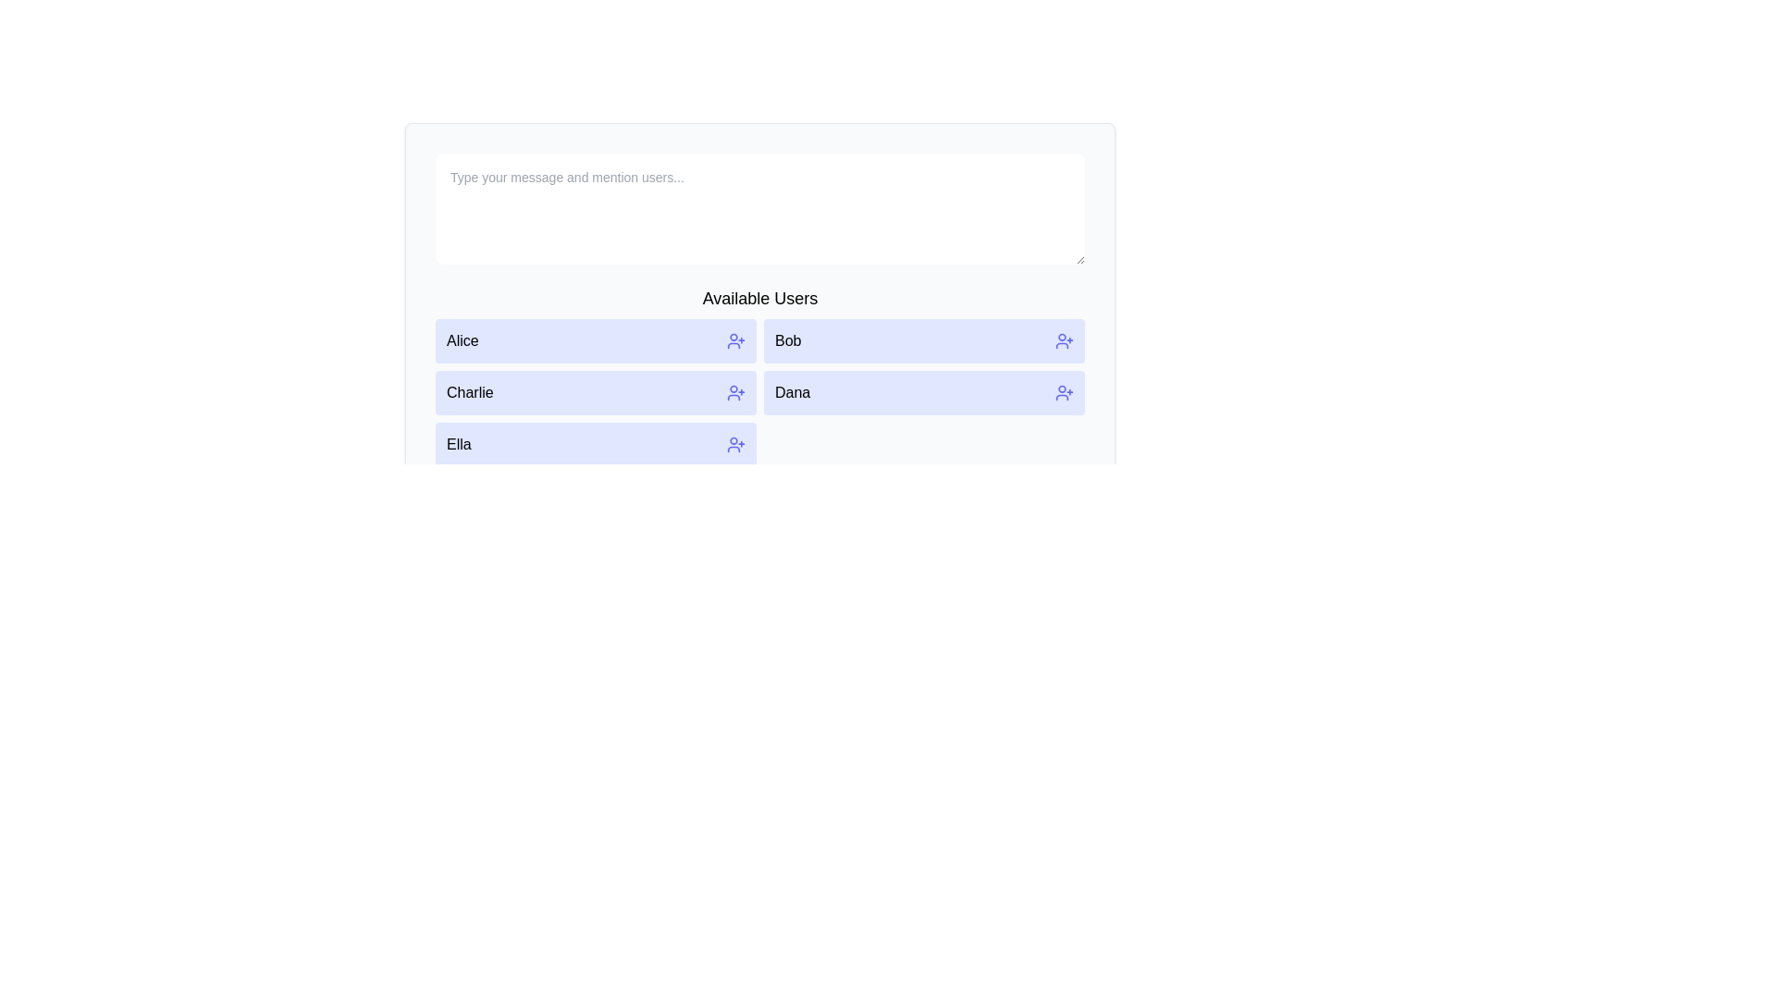 This screenshot has height=999, width=1776. What do you see at coordinates (759, 376) in the screenshot?
I see `a user name in the 'Available Users' grid` at bounding box center [759, 376].